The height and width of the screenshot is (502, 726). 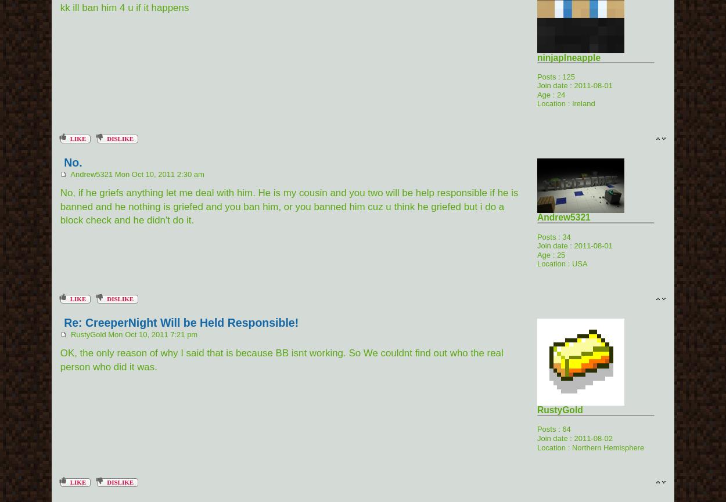 What do you see at coordinates (560, 93) in the screenshot?
I see `'24'` at bounding box center [560, 93].